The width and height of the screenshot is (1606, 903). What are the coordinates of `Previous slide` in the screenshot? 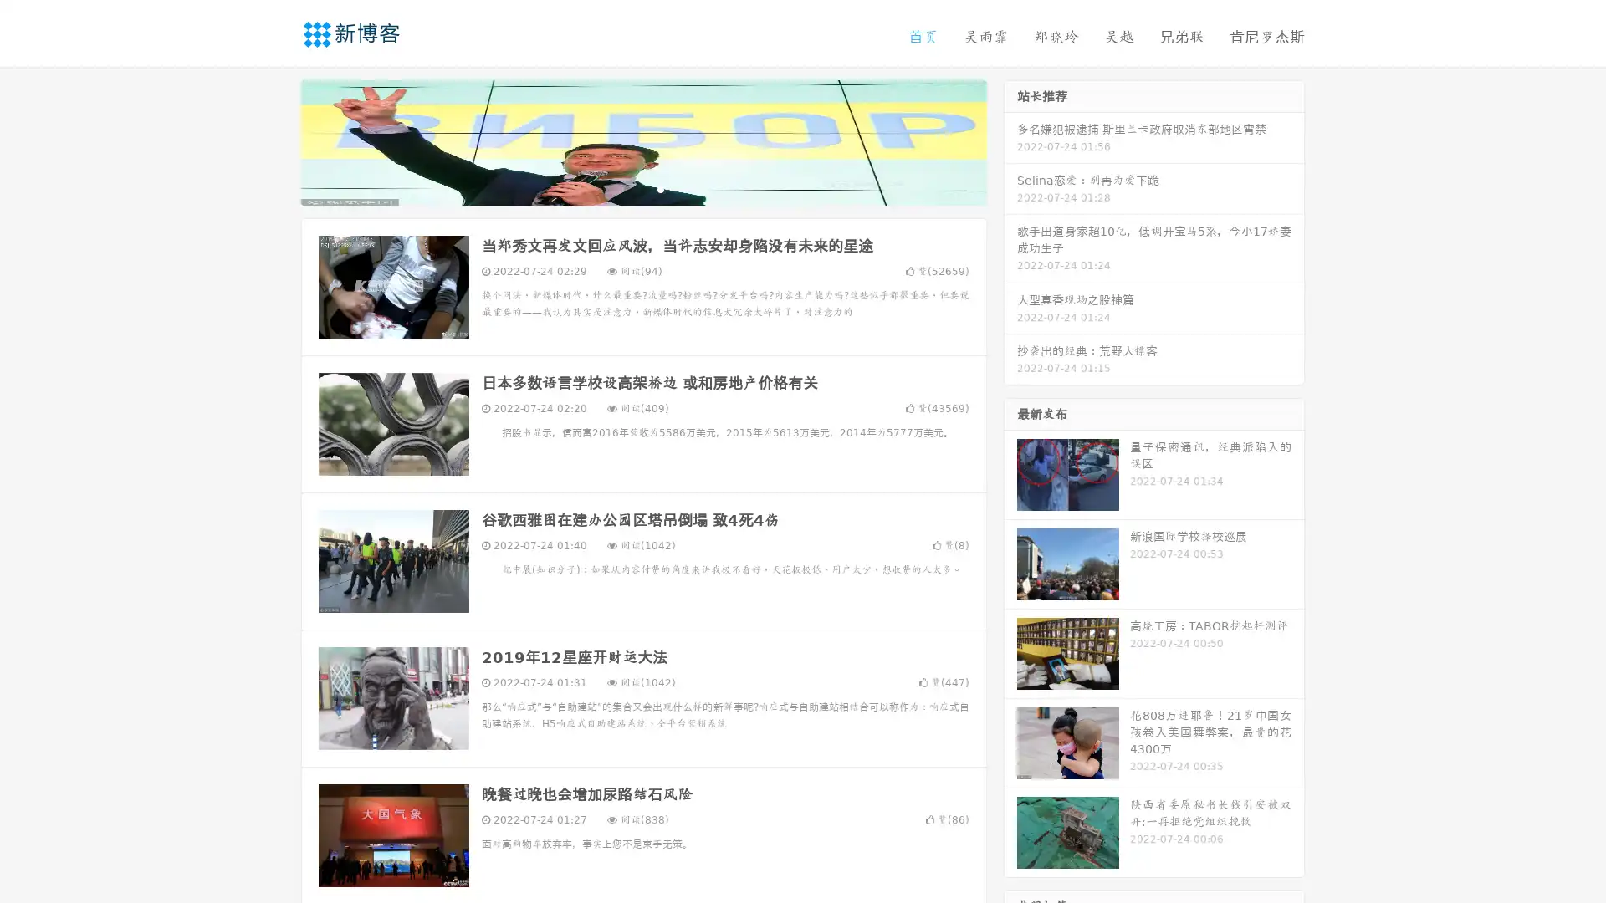 It's located at (276, 140).